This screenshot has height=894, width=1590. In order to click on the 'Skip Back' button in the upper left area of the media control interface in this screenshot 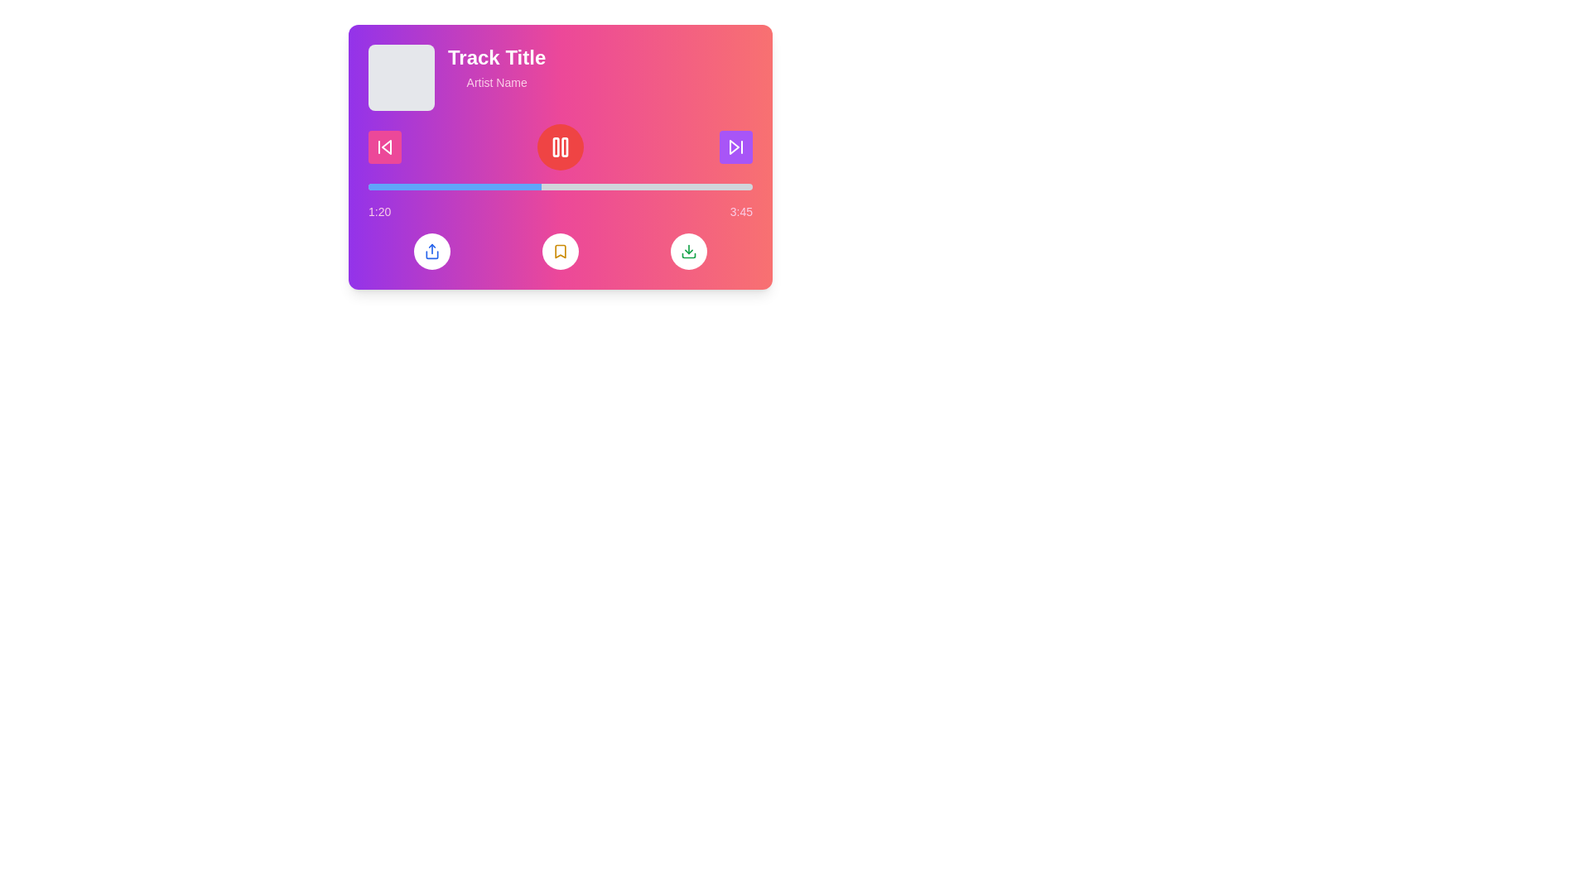, I will do `click(384, 146)`.